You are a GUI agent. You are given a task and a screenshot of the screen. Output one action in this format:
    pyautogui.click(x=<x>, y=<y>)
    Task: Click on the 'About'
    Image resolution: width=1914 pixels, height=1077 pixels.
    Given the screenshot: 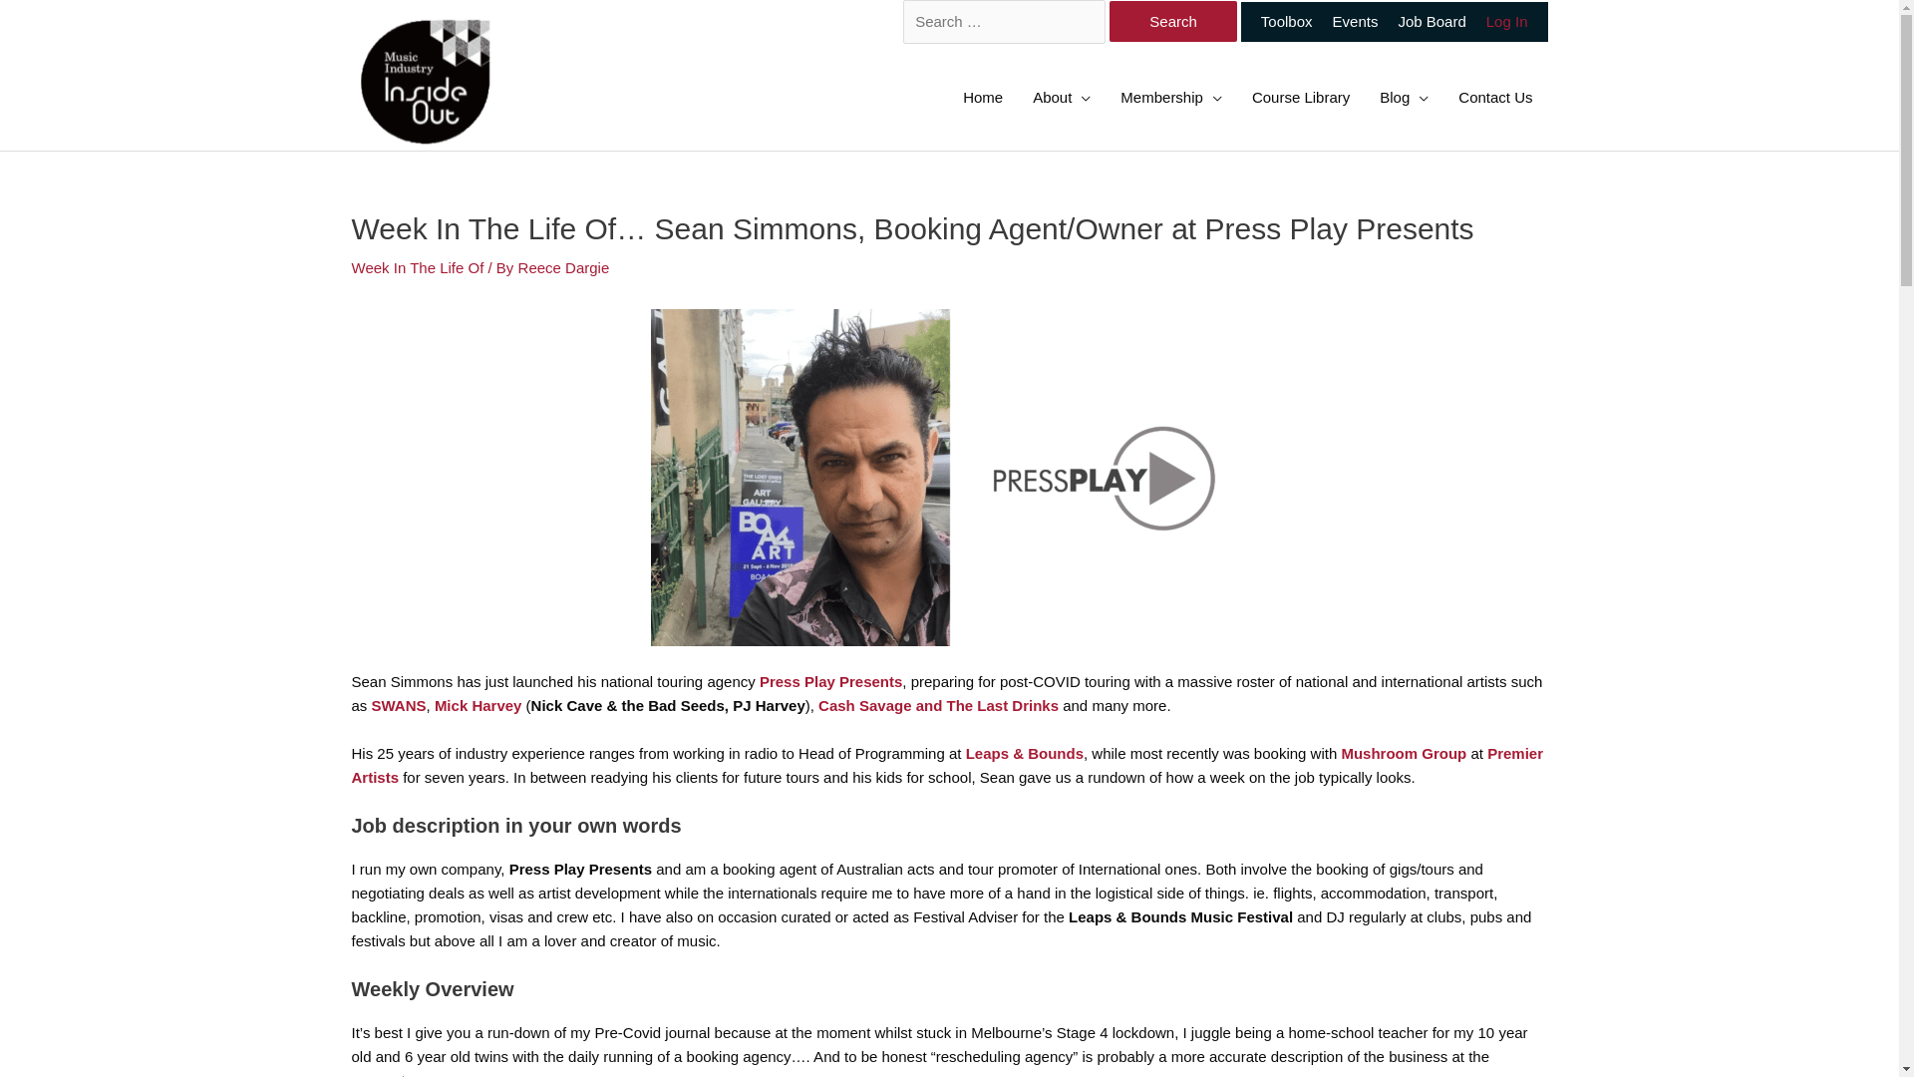 What is the action you would take?
    pyautogui.click(x=1018, y=97)
    